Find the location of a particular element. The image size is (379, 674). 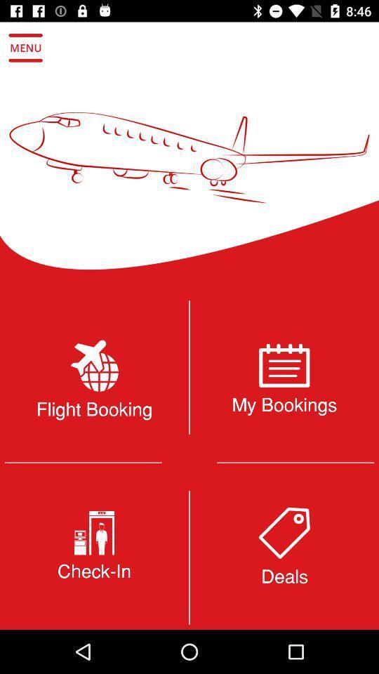

open the menu is located at coordinates (25, 48).